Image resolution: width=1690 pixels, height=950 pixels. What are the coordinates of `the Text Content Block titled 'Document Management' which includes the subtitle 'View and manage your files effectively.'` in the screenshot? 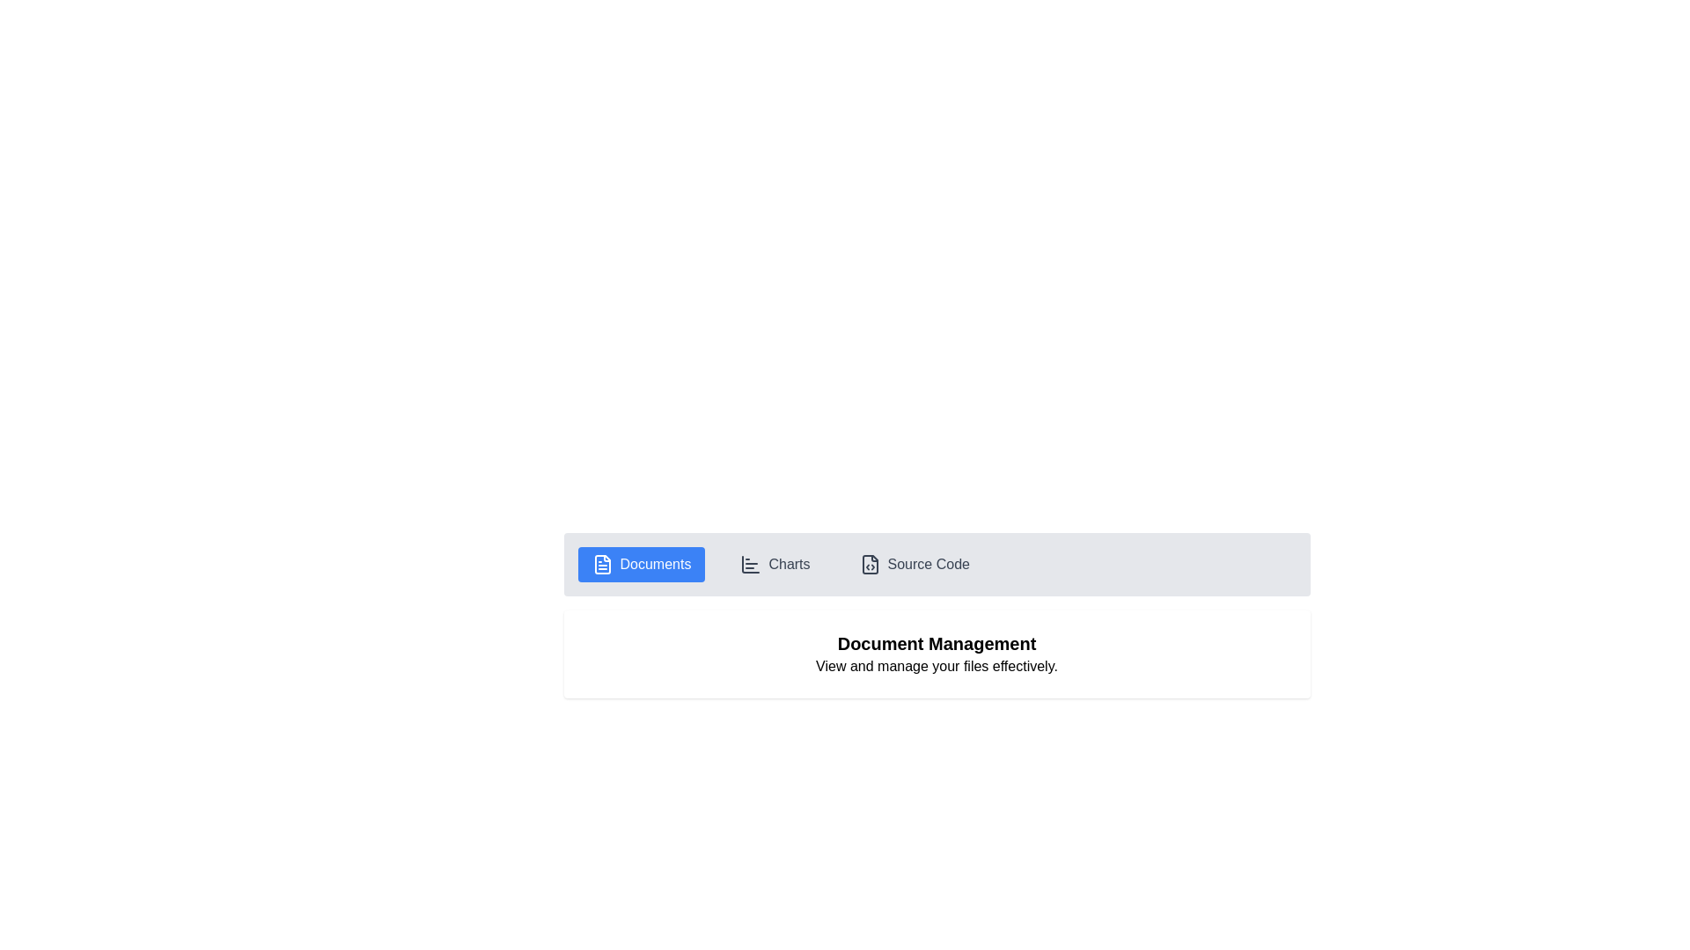 It's located at (936, 654).